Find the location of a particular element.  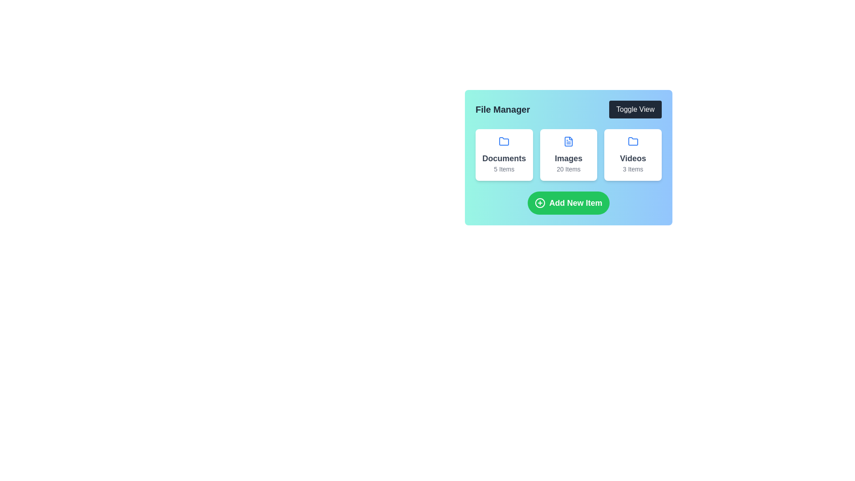

the 'Videos' category icon in the File Manager section is located at coordinates (632, 141).